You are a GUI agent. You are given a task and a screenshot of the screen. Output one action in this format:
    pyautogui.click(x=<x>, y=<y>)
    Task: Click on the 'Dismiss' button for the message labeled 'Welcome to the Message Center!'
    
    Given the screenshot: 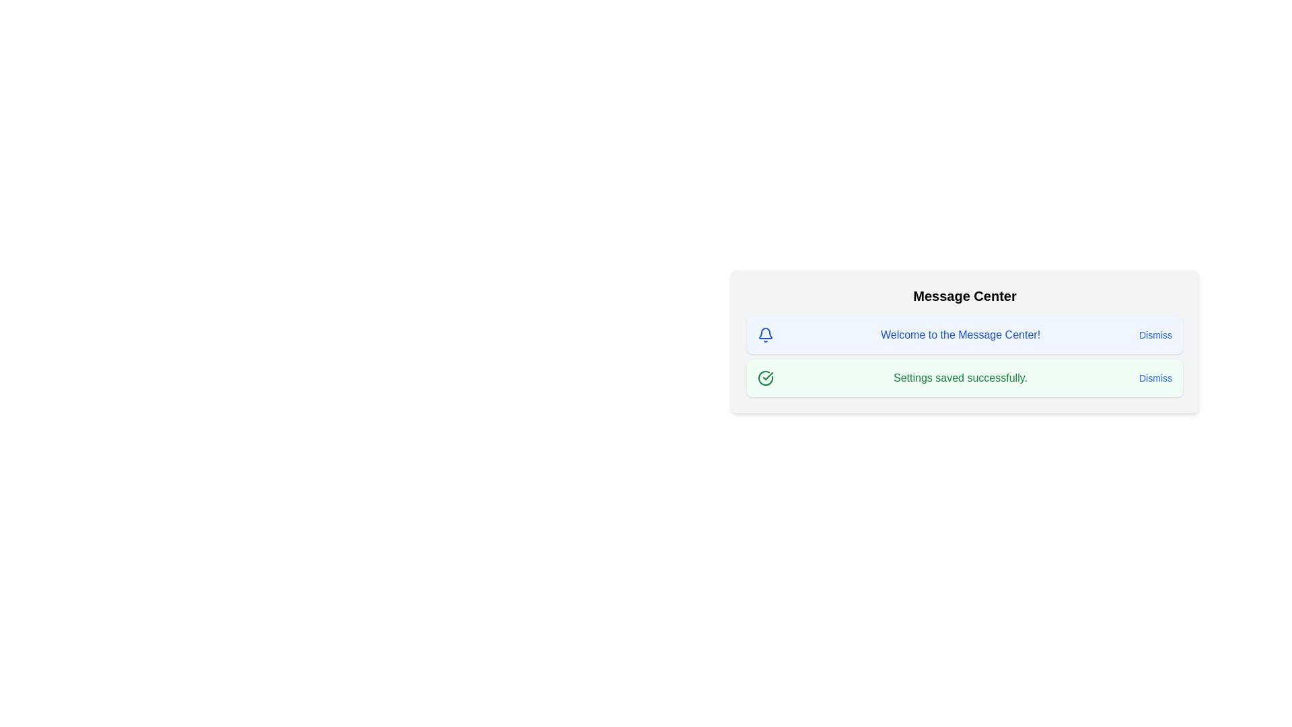 What is the action you would take?
    pyautogui.click(x=1155, y=334)
    